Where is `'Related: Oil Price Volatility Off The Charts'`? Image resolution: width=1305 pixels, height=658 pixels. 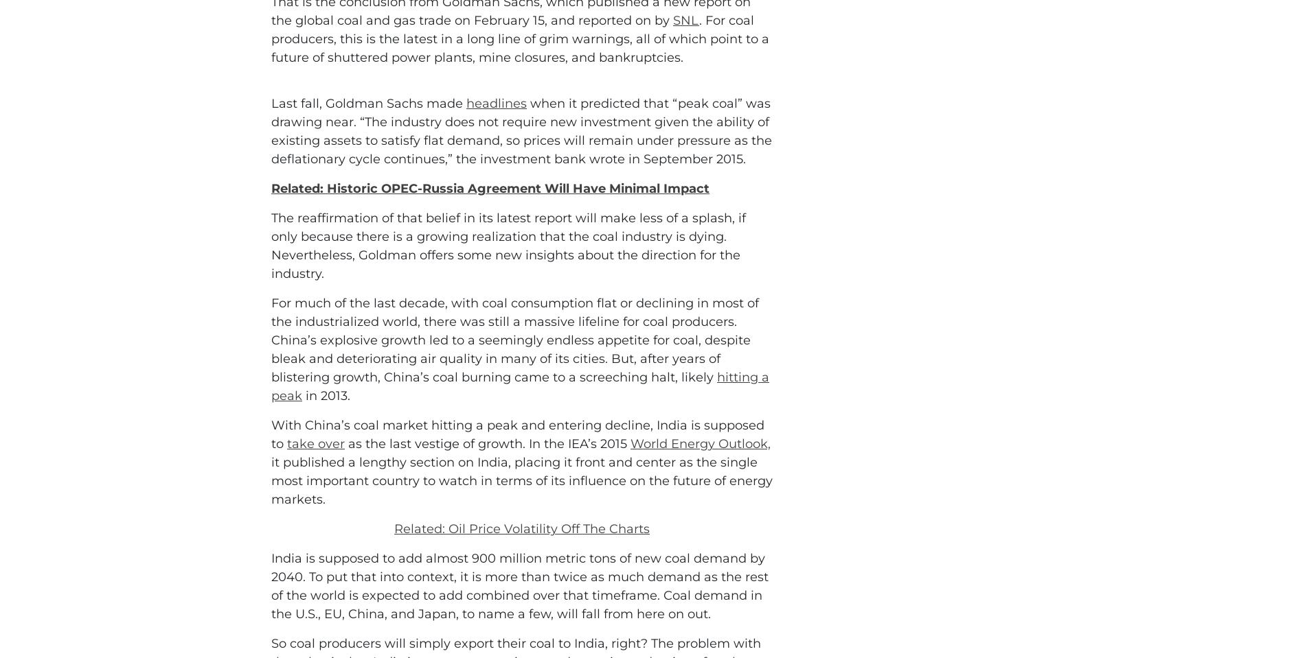 'Related: Oil Price Volatility Off The Charts' is located at coordinates (521, 589).